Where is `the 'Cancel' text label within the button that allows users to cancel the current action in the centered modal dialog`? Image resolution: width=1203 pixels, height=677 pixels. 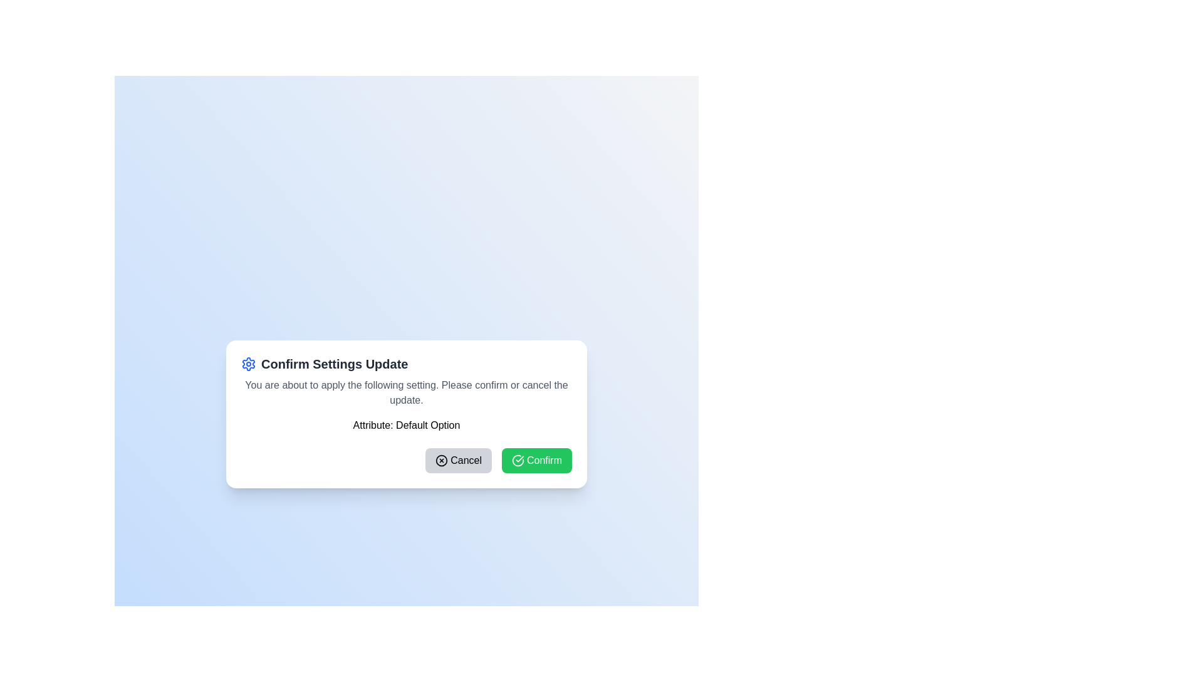 the 'Cancel' text label within the button that allows users to cancel the current action in the centered modal dialog is located at coordinates (466, 461).